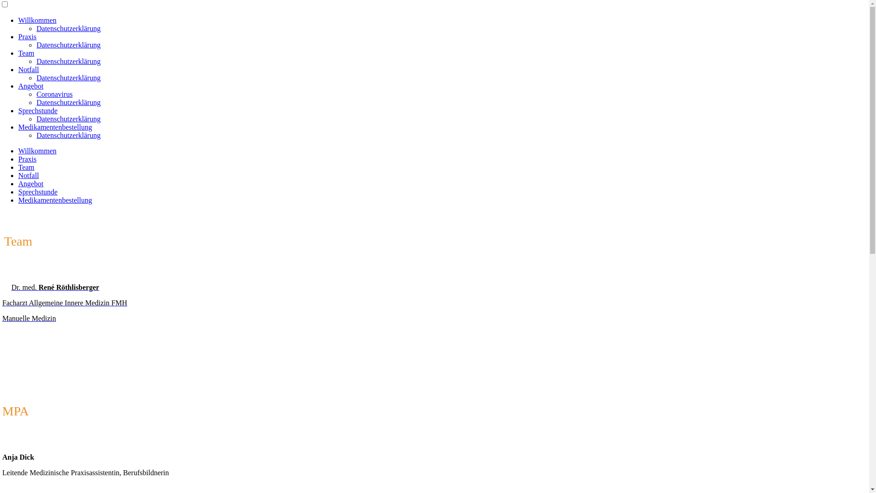 This screenshot has width=876, height=493. What do you see at coordinates (27, 36) in the screenshot?
I see `'Praxis'` at bounding box center [27, 36].